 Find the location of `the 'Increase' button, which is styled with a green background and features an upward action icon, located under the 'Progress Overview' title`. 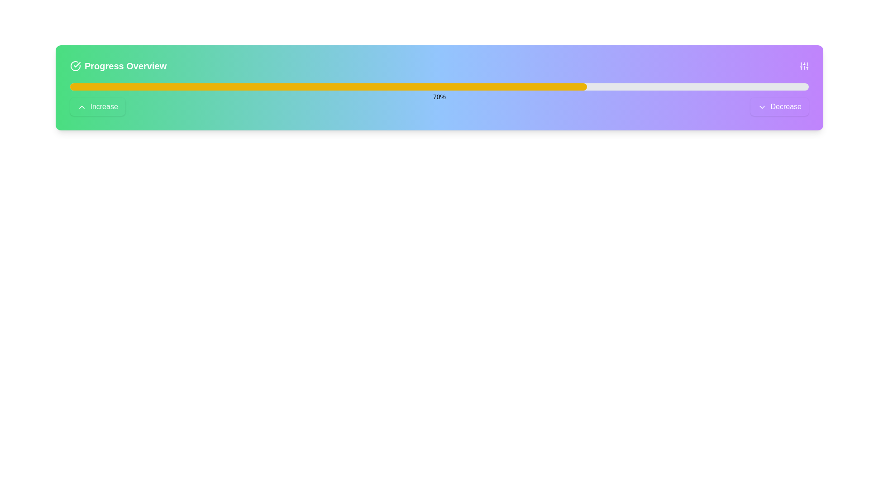

the 'Increase' button, which is styled with a green background and features an upward action icon, located under the 'Progress Overview' title is located at coordinates (82, 106).